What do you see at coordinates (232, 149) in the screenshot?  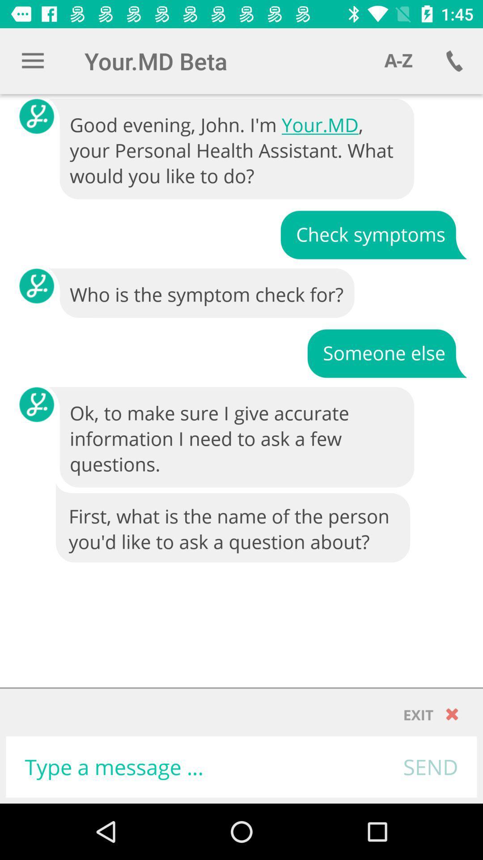 I see `good evening john` at bounding box center [232, 149].